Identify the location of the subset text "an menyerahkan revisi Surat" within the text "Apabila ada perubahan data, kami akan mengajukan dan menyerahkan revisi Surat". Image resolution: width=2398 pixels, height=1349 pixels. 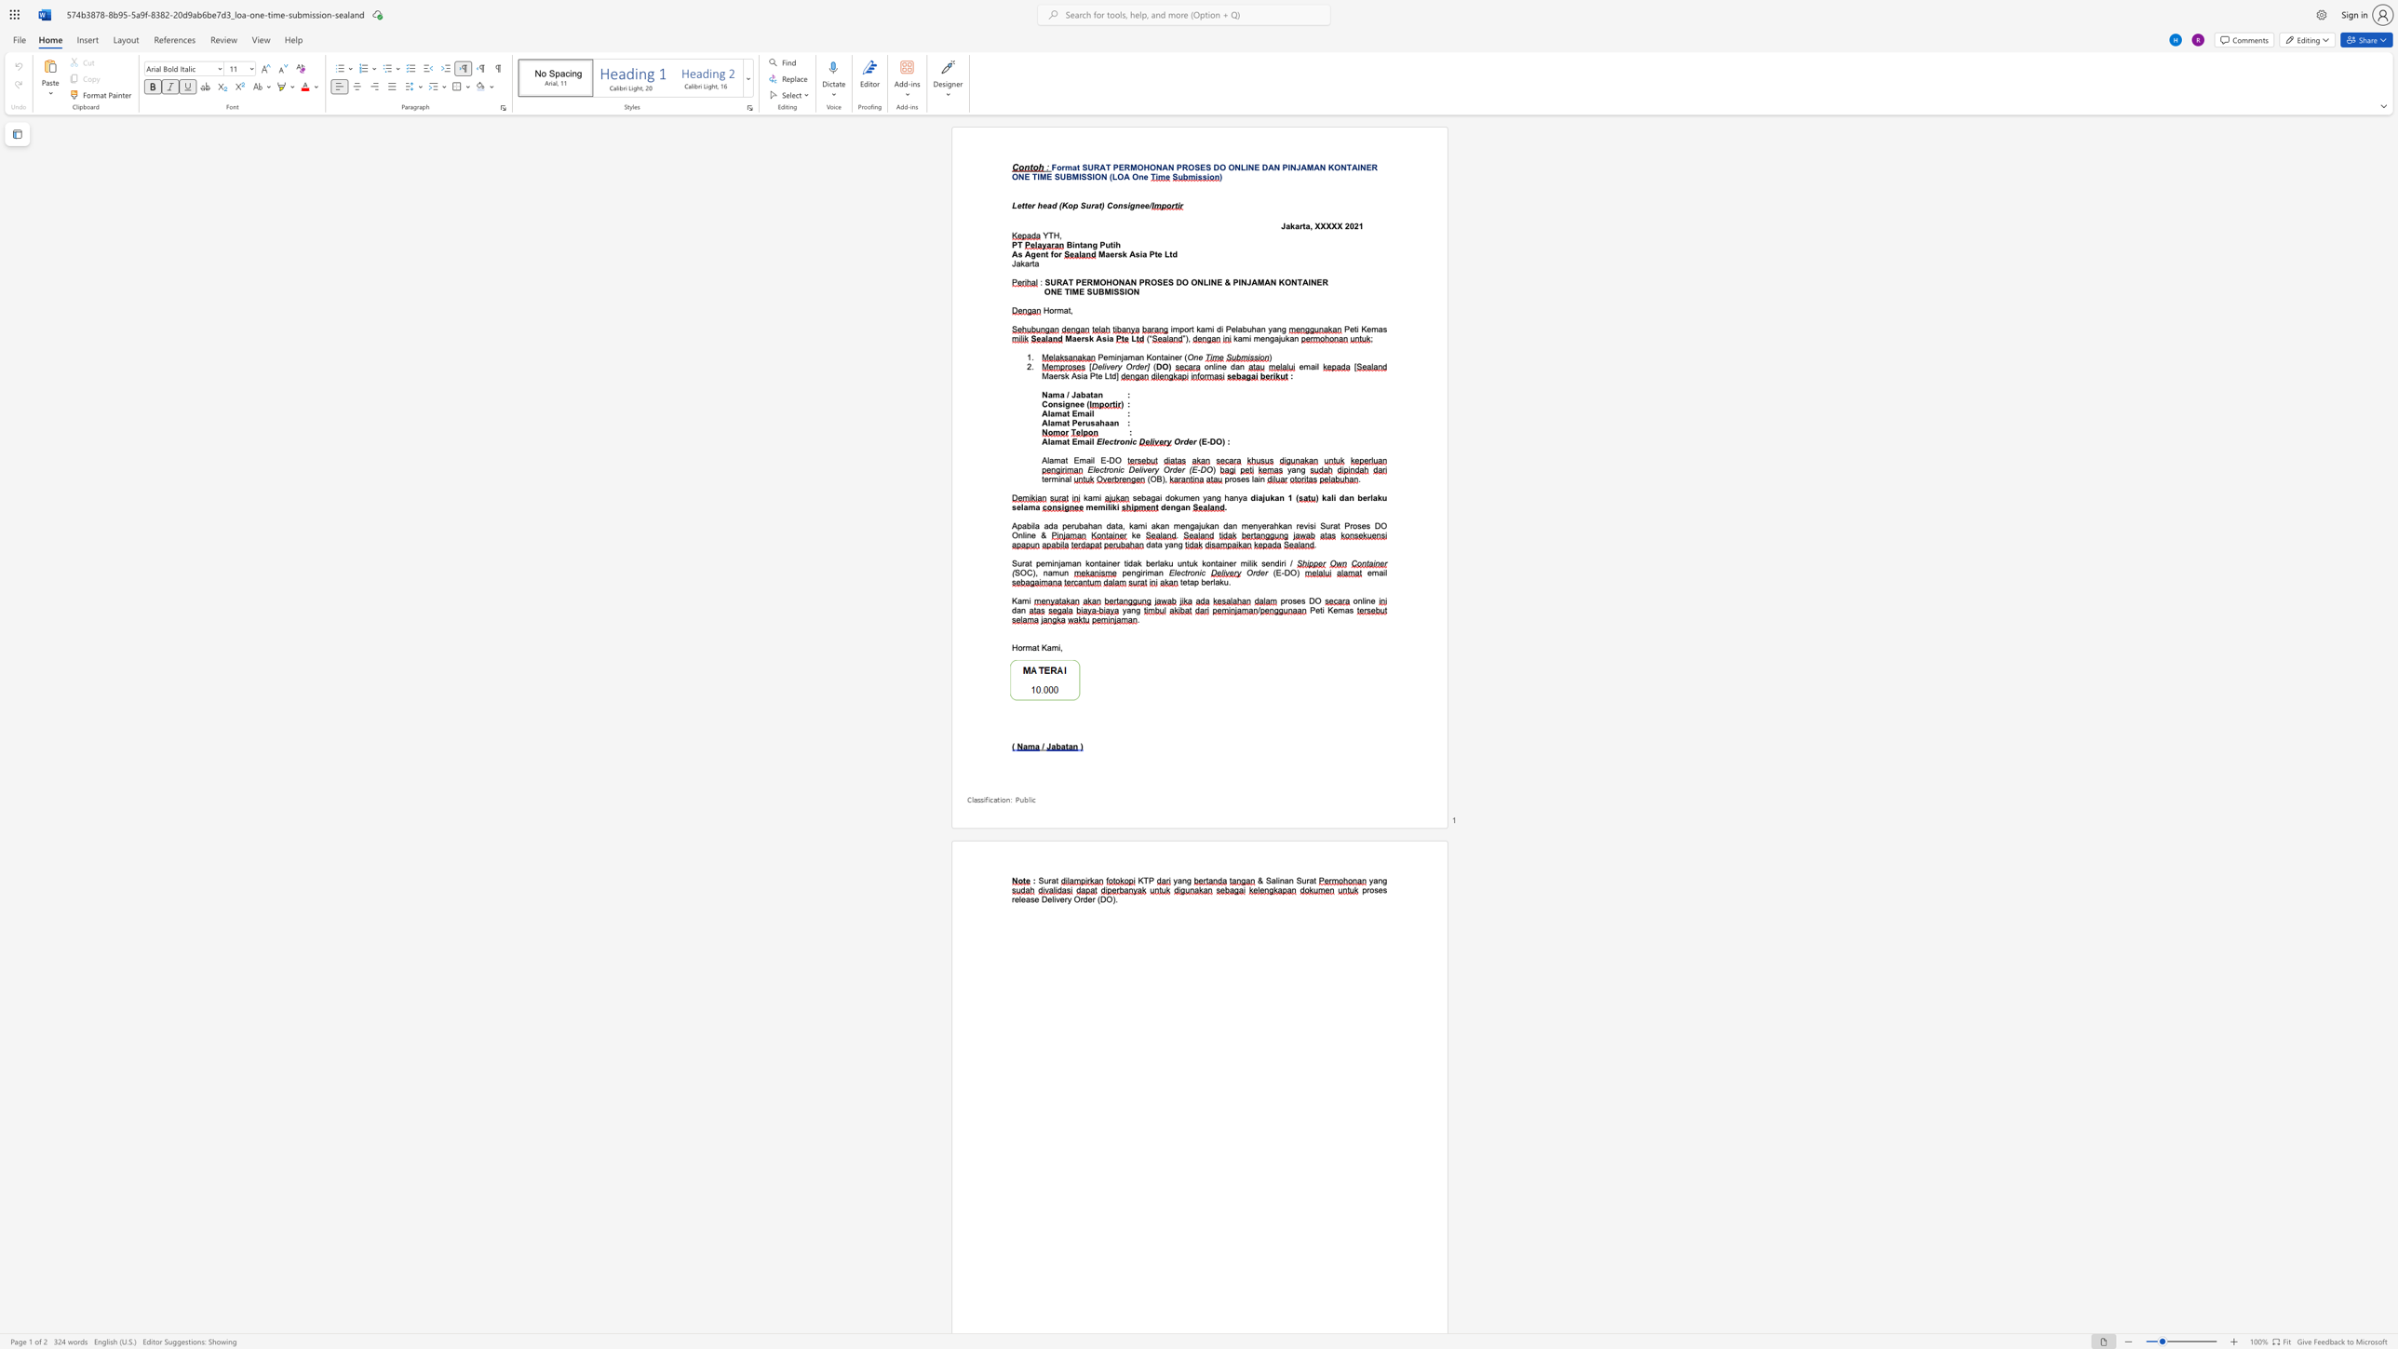
(1228, 525).